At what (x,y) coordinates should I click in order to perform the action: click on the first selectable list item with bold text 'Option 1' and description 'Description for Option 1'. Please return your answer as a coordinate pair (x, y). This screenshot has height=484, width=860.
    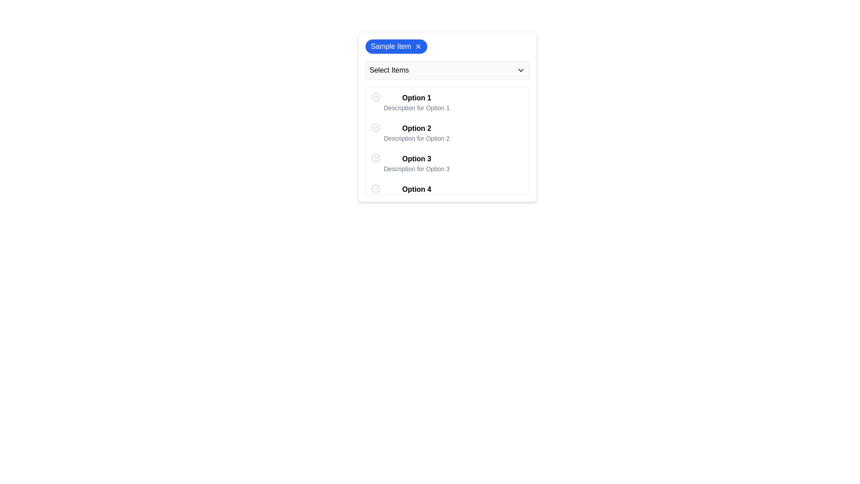
    Looking at the image, I should click on (416, 102).